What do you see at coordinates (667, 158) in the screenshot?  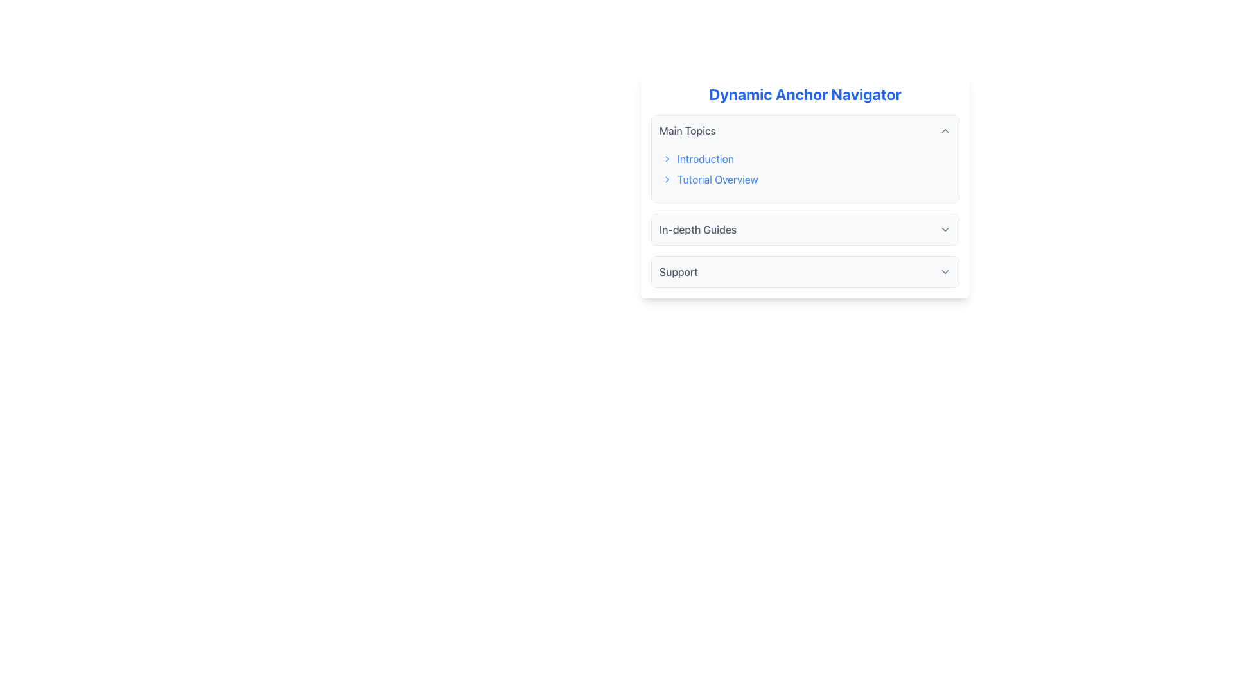 I see `the right-facing blue chevron arrow icon located to the left of the 'Introduction' text in the 'Main Topics' list of the 'Dynamic Anchor Navigator'` at bounding box center [667, 158].